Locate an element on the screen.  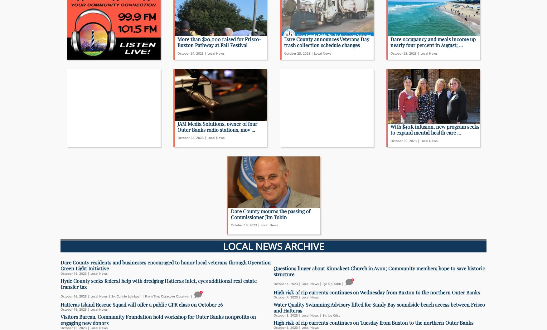
'Dare occupancy and meals income up nearly four percent in August;  ...' is located at coordinates (433, 42).